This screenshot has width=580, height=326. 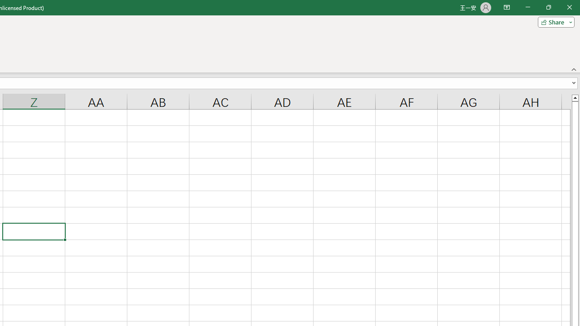 What do you see at coordinates (527, 7) in the screenshot?
I see `'Minimize'` at bounding box center [527, 7].